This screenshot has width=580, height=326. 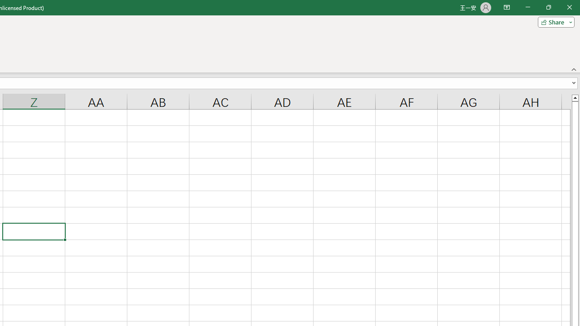 What do you see at coordinates (527, 7) in the screenshot?
I see `'Minimize'` at bounding box center [527, 7].